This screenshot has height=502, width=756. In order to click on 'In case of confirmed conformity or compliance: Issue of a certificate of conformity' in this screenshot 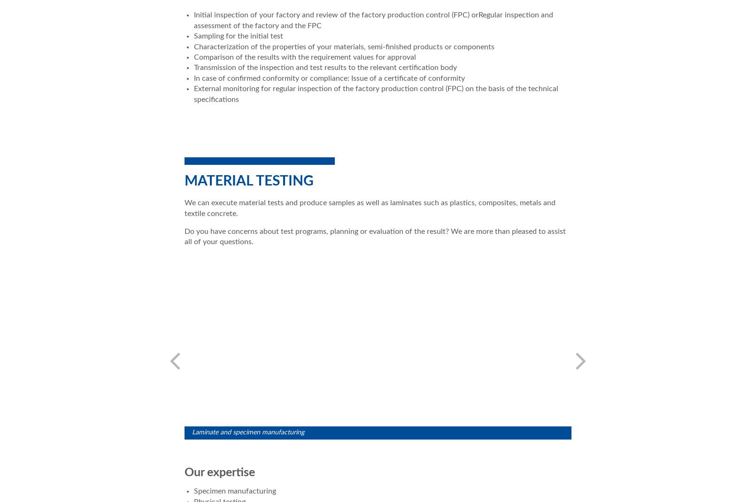, I will do `click(329, 78)`.